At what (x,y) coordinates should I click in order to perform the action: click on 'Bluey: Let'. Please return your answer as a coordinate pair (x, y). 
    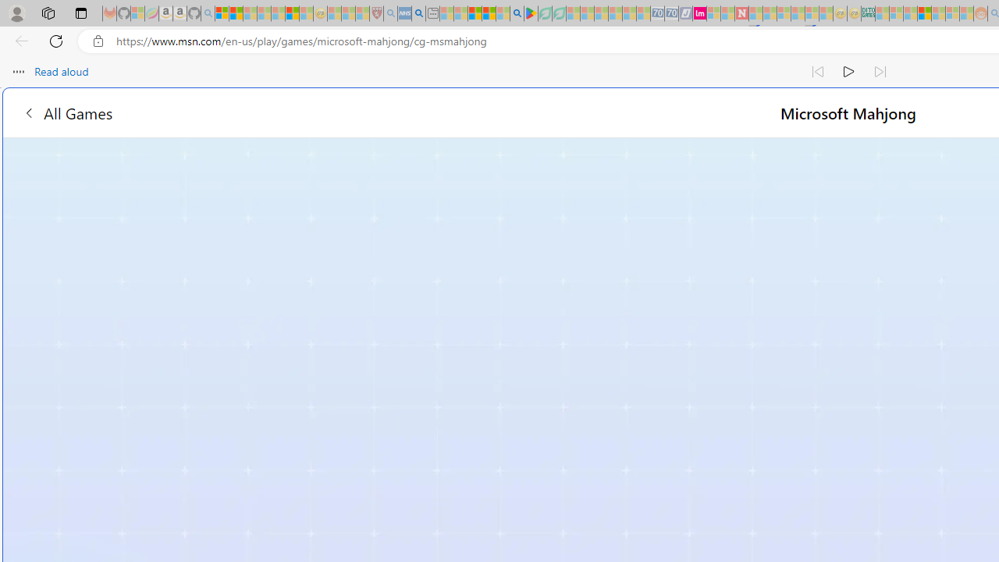
    Looking at the image, I should click on (531, 13).